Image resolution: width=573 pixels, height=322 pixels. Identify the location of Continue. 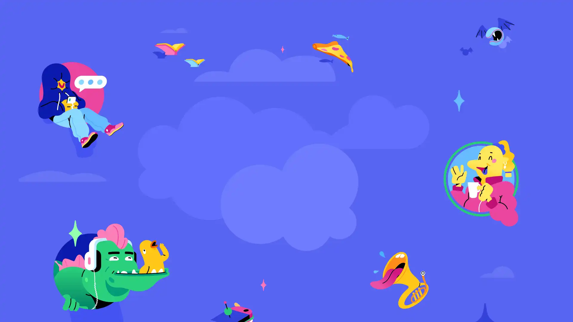
(286, 196).